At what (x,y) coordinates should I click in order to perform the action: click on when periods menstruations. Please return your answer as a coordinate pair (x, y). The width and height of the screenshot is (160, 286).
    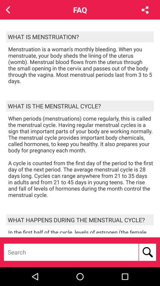
    Looking at the image, I should click on (81, 156).